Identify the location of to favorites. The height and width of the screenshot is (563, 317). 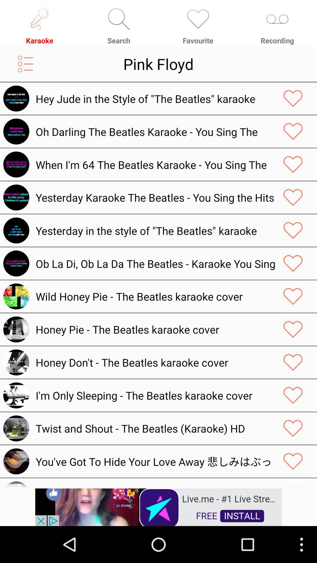
(293, 362).